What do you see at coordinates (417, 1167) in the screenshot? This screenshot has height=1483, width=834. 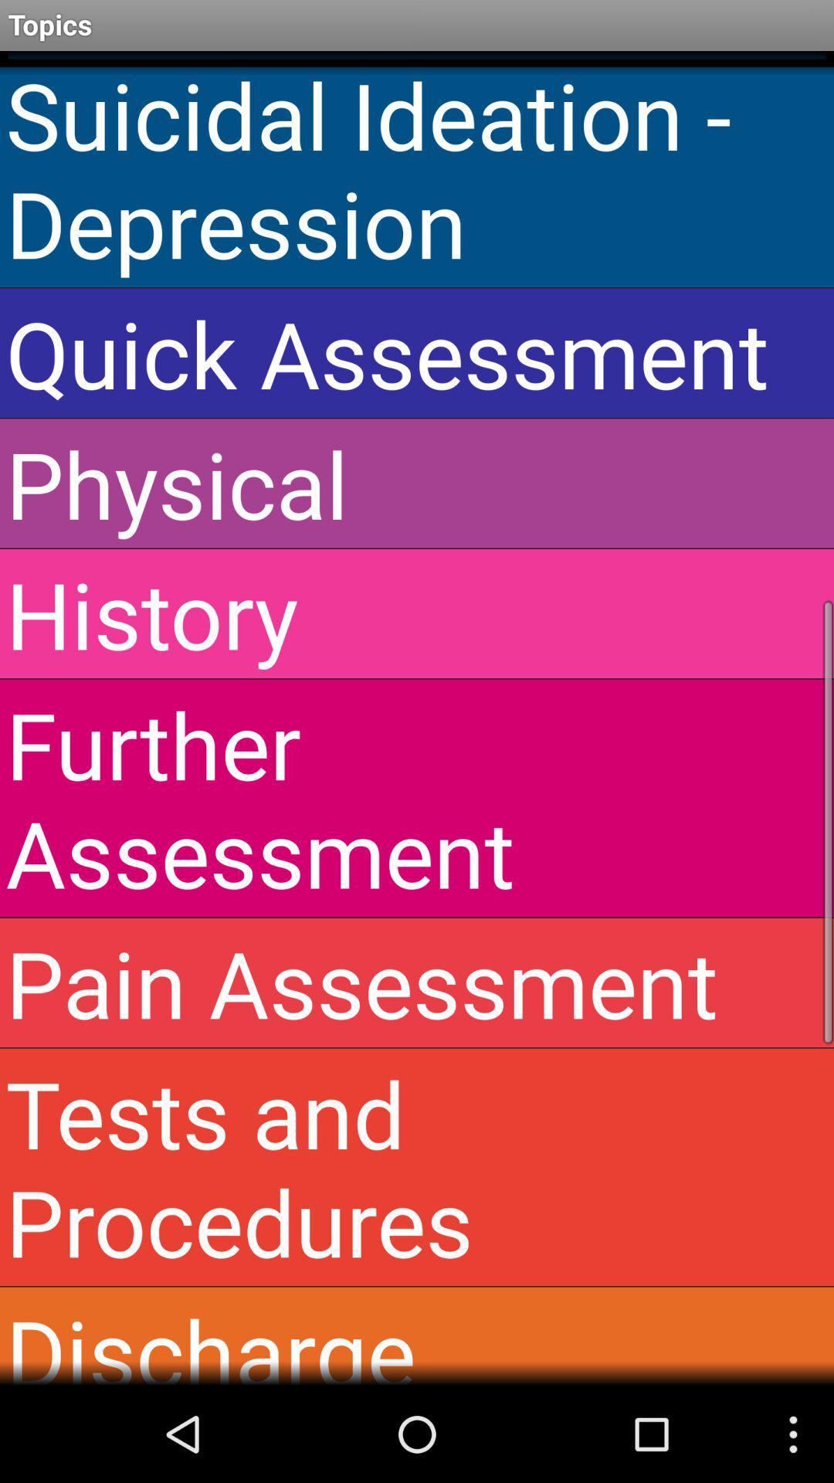 I see `tests and procedures app` at bounding box center [417, 1167].